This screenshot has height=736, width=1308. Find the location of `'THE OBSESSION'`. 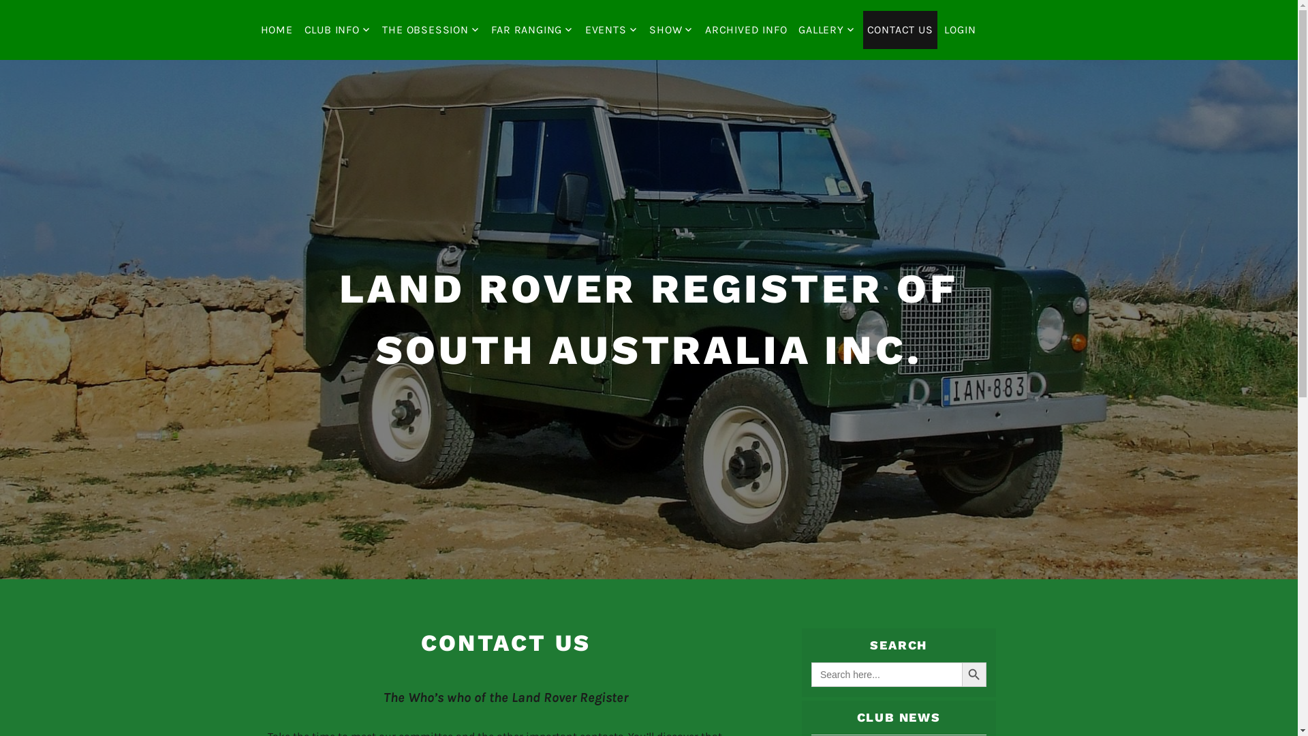

'THE OBSESSION' is located at coordinates (430, 29).